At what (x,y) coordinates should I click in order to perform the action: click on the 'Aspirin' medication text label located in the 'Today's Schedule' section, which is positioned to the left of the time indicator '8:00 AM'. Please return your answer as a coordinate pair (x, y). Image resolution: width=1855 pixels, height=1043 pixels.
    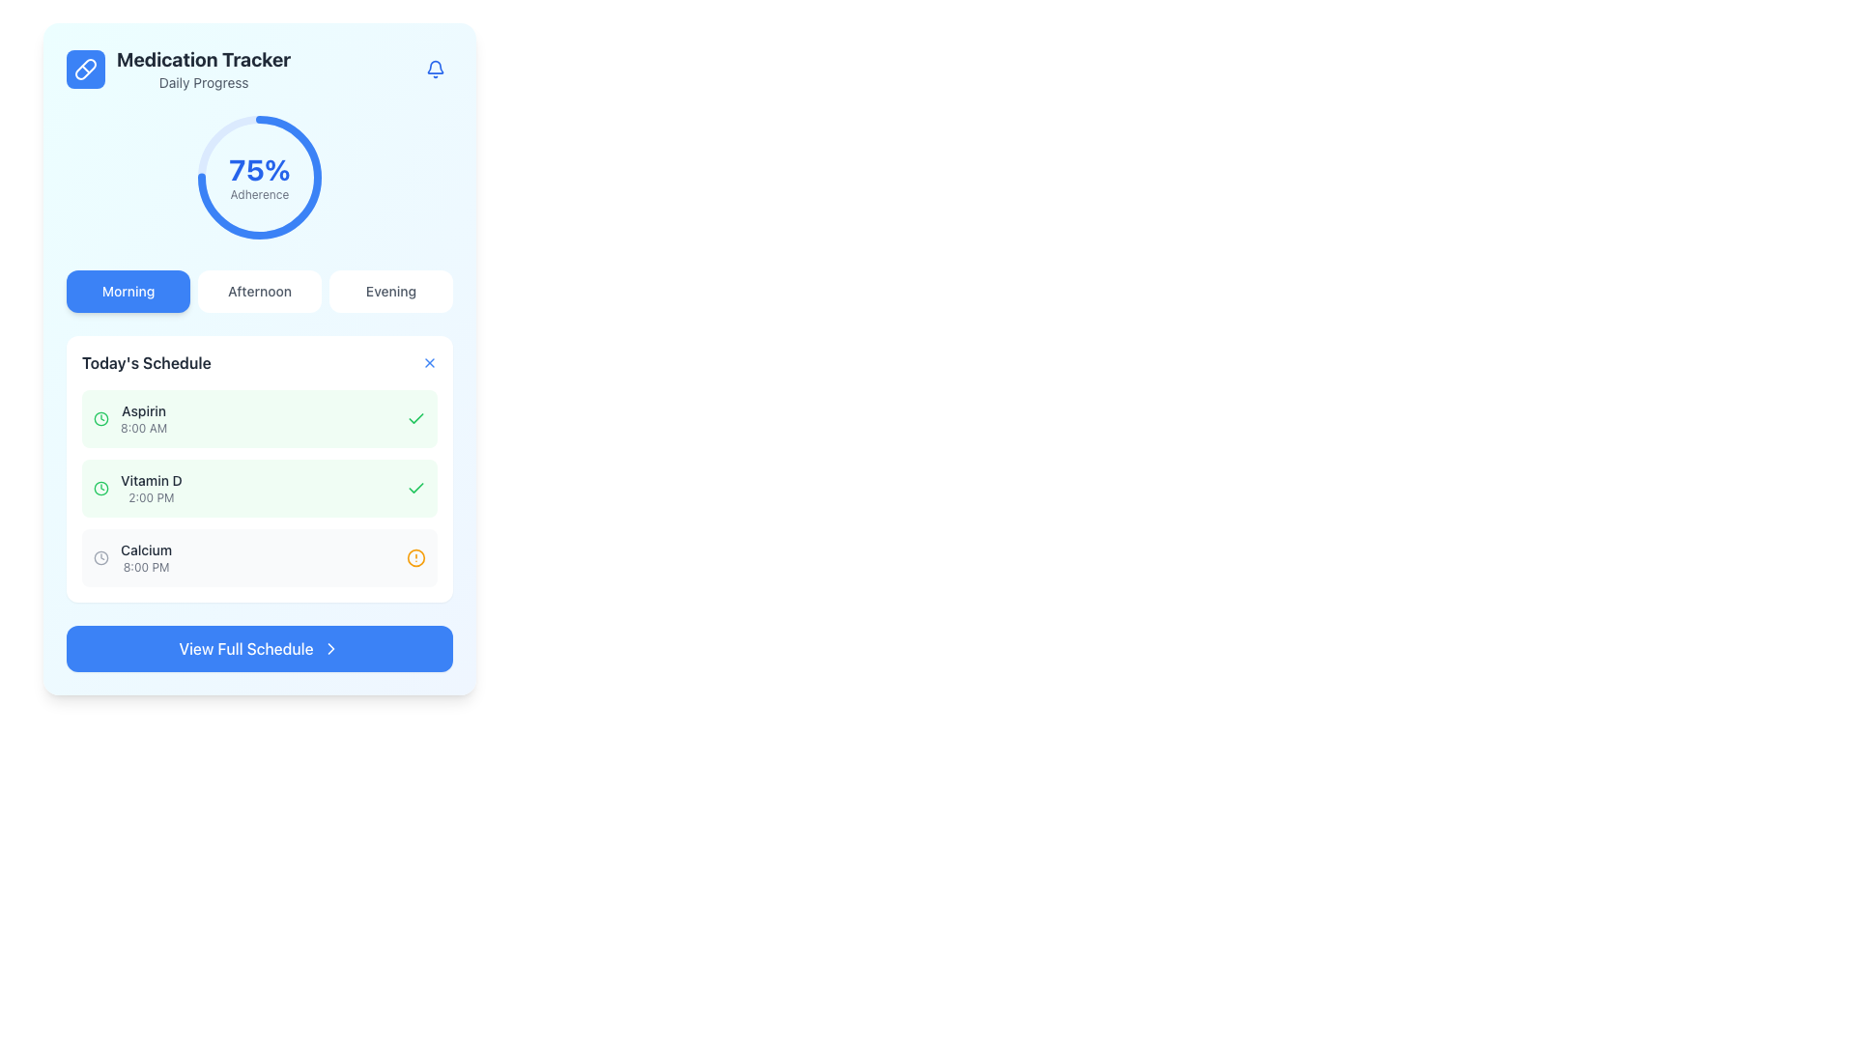
    Looking at the image, I should click on (143, 409).